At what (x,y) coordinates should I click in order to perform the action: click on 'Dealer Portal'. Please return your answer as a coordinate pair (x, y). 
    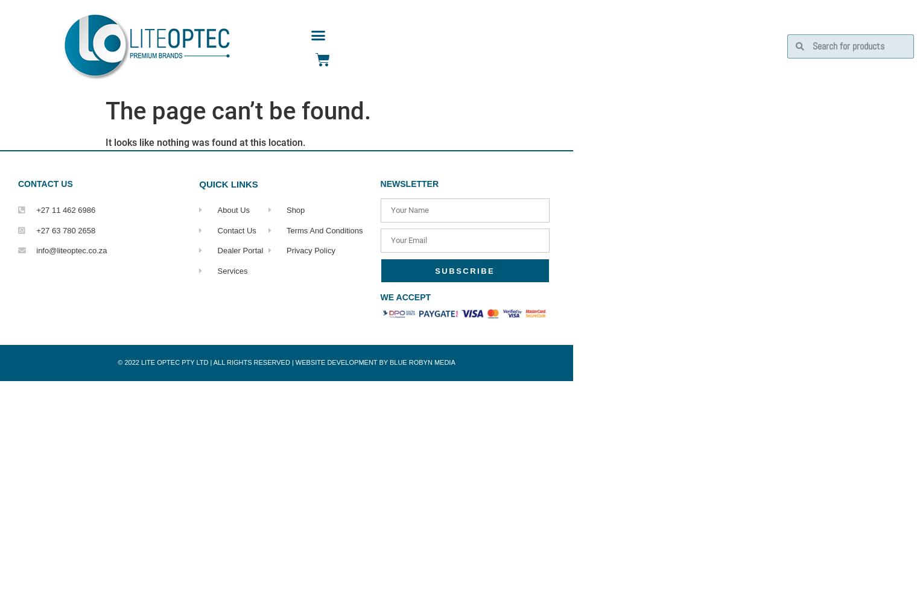
    Looking at the image, I should click on (240, 250).